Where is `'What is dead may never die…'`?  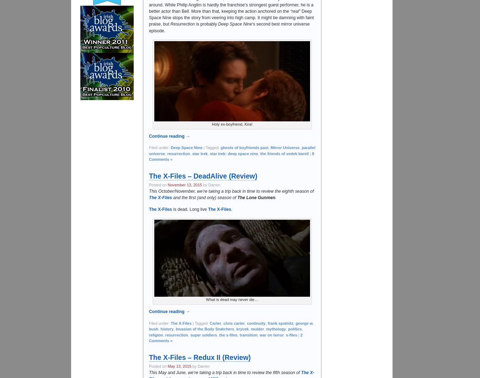
'What is dead may never die…' is located at coordinates (232, 300).